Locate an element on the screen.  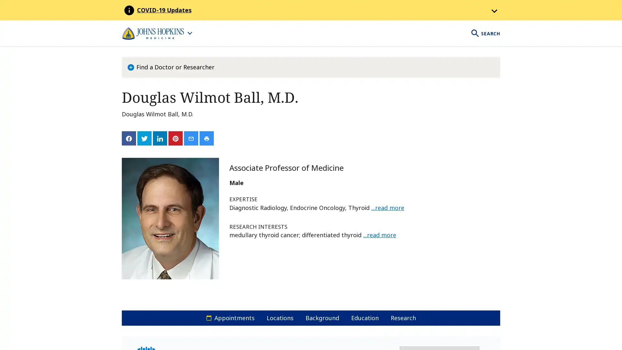
JOHNS HOPKINS MEDICINE MENU is located at coordinates (157, 33).